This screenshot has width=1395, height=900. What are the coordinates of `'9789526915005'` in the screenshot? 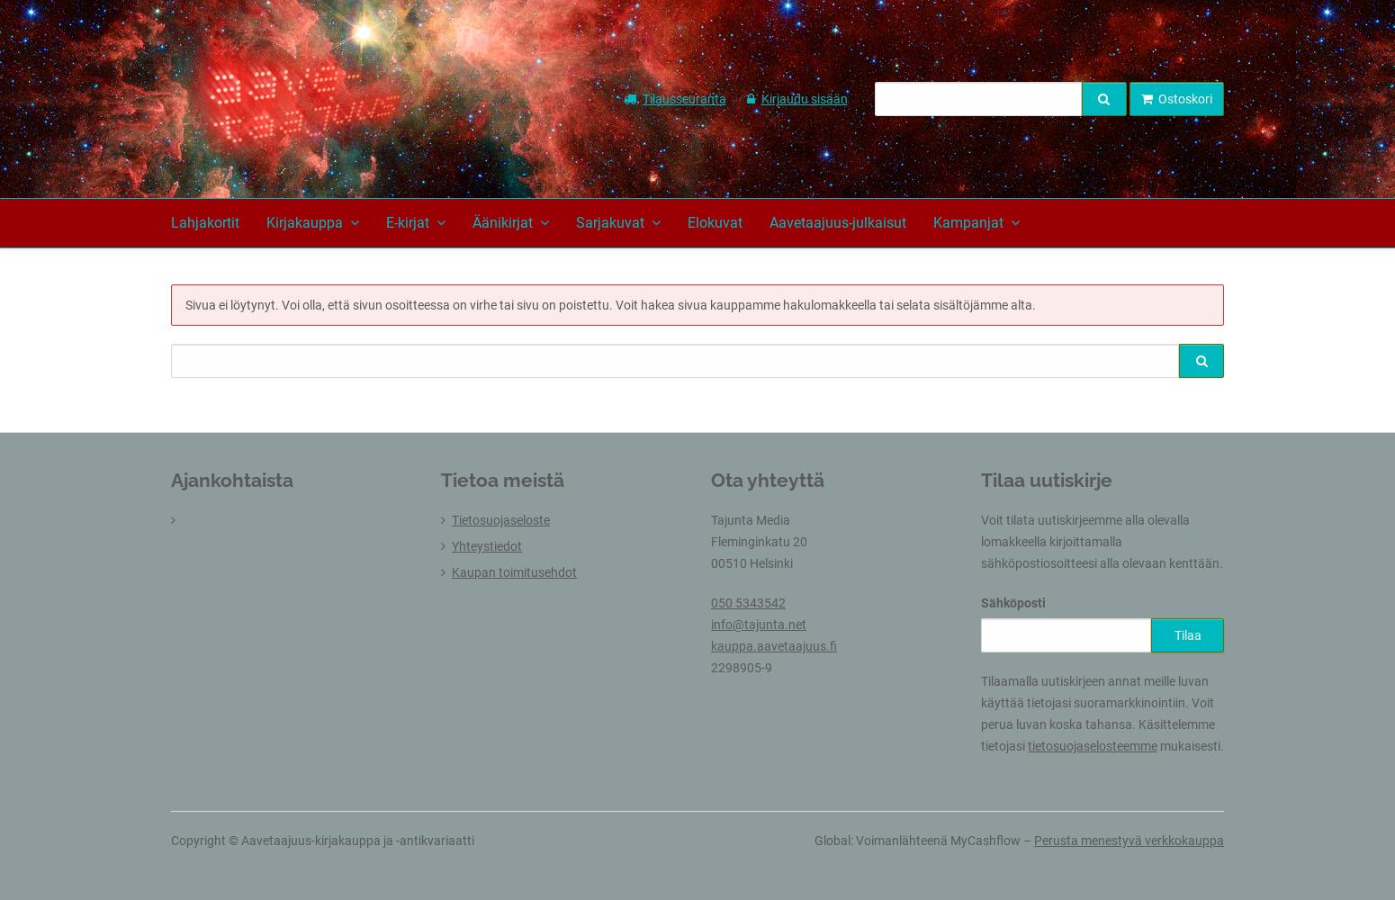 It's located at (934, 273).